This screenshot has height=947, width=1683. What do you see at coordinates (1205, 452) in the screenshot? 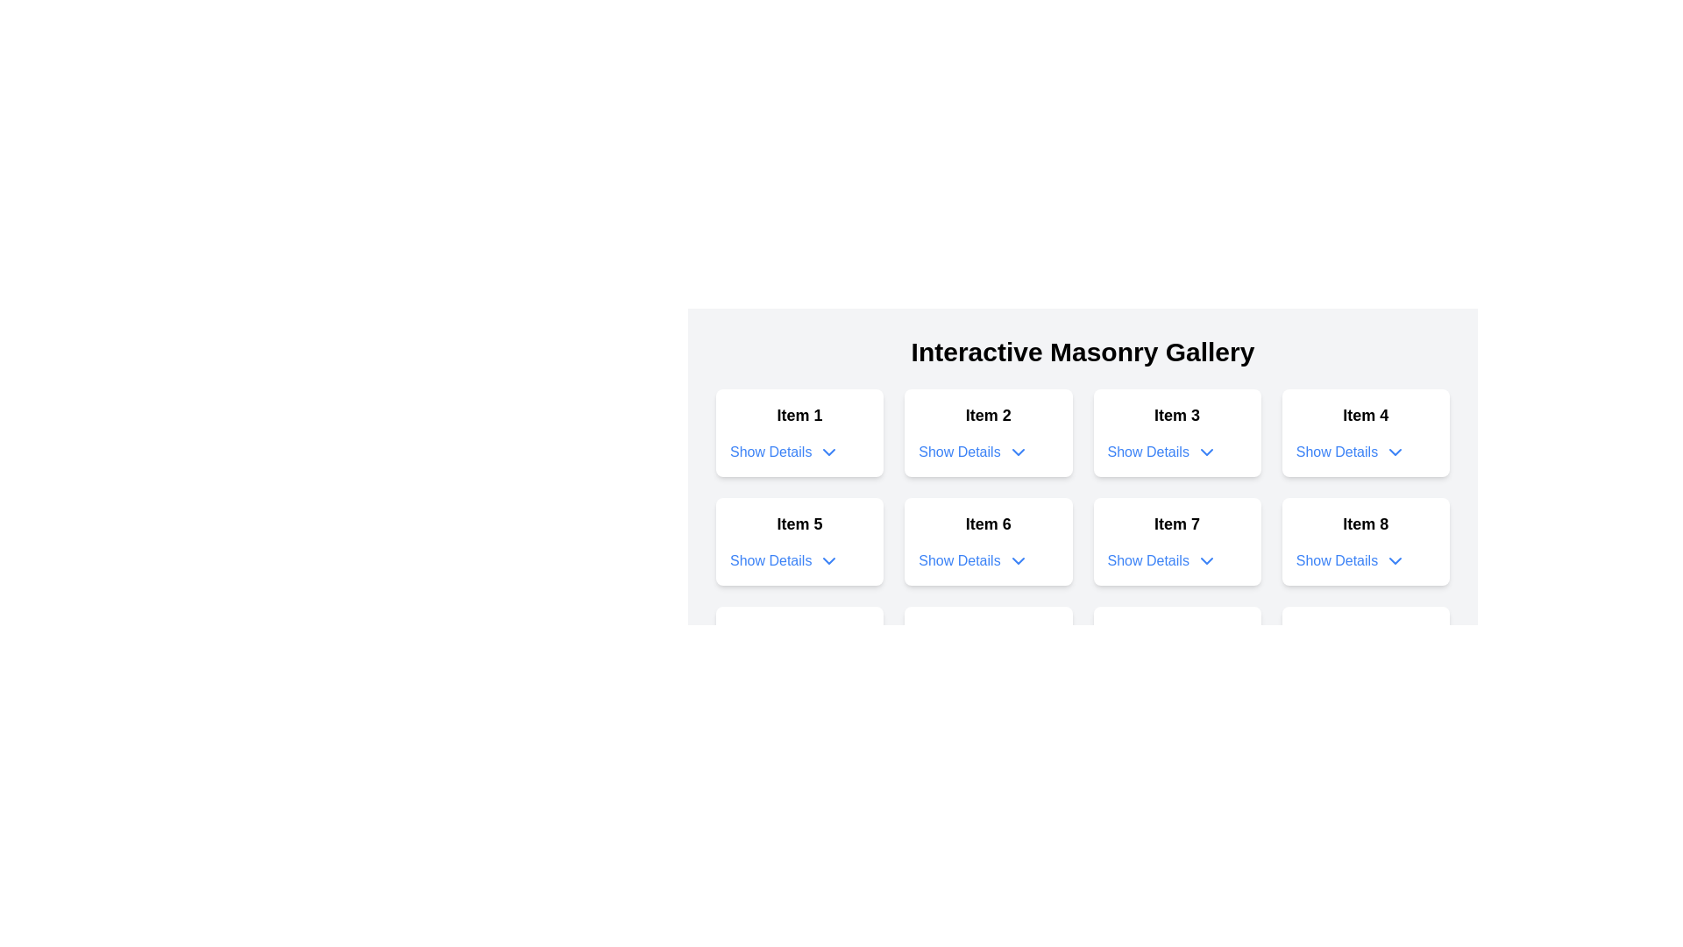
I see `the collapsible/expandable icon located to the right of 'Show Details' for 'Item 3' in the top row, third column of the grid` at bounding box center [1205, 452].